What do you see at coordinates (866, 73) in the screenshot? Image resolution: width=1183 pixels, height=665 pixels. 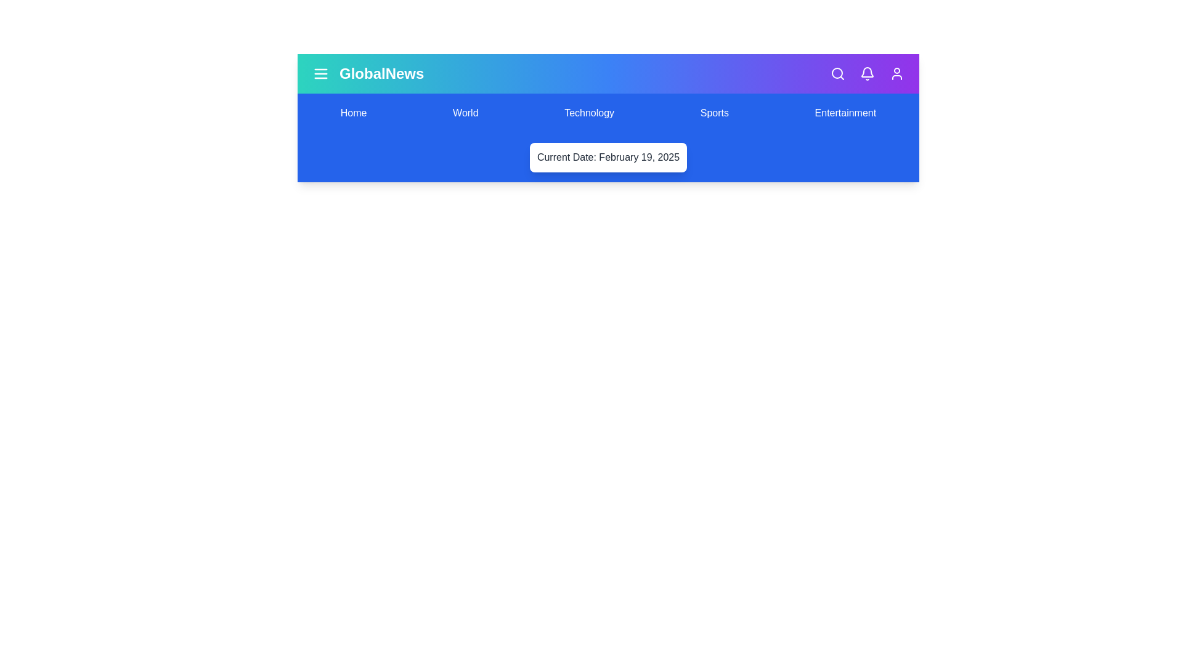 I see `the bell icon to view notifications` at bounding box center [866, 73].